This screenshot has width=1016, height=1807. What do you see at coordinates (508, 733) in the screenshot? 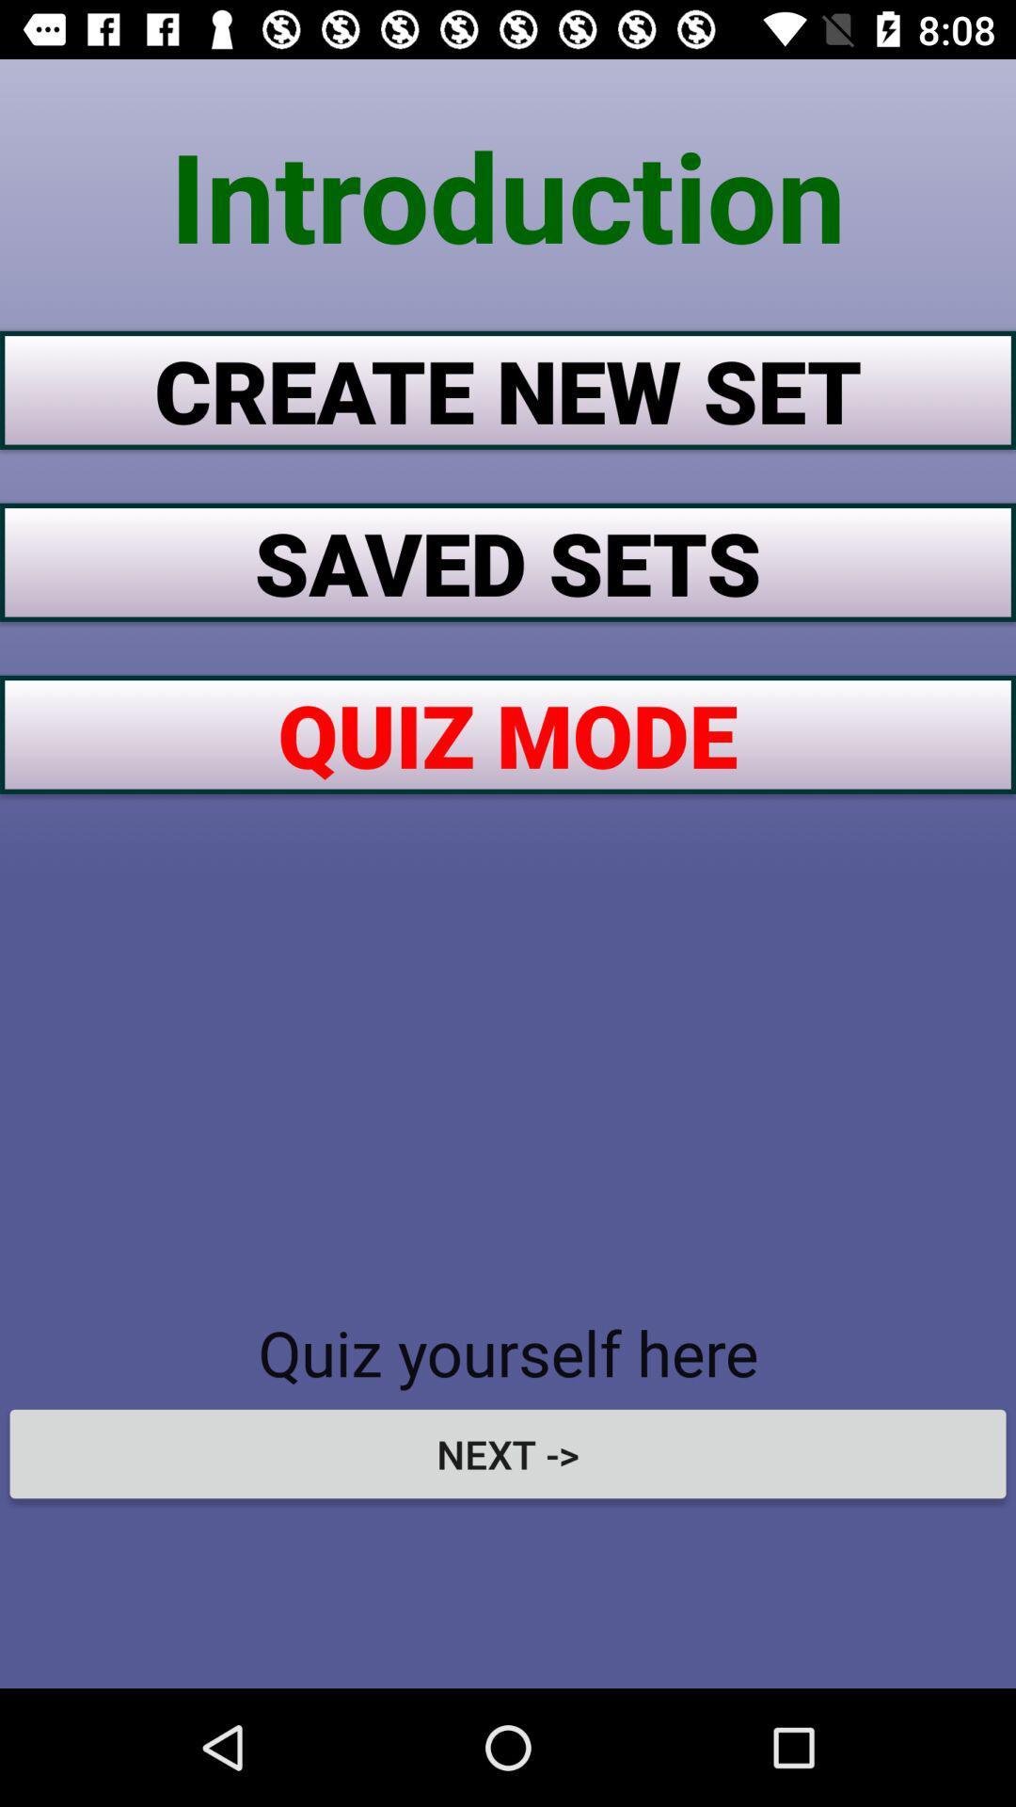
I see `the item at the center` at bounding box center [508, 733].